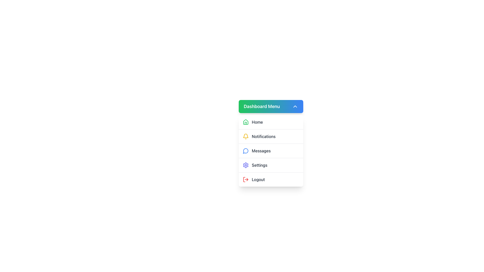 The width and height of the screenshot is (484, 272). Describe the element at coordinates (246, 122) in the screenshot. I see `the house icon with a green outline that is located in the menu, positioned to the left of the 'Home' text label` at that location.